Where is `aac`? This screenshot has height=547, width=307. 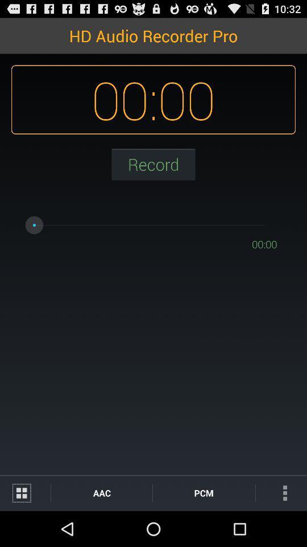
aac is located at coordinates (102, 492).